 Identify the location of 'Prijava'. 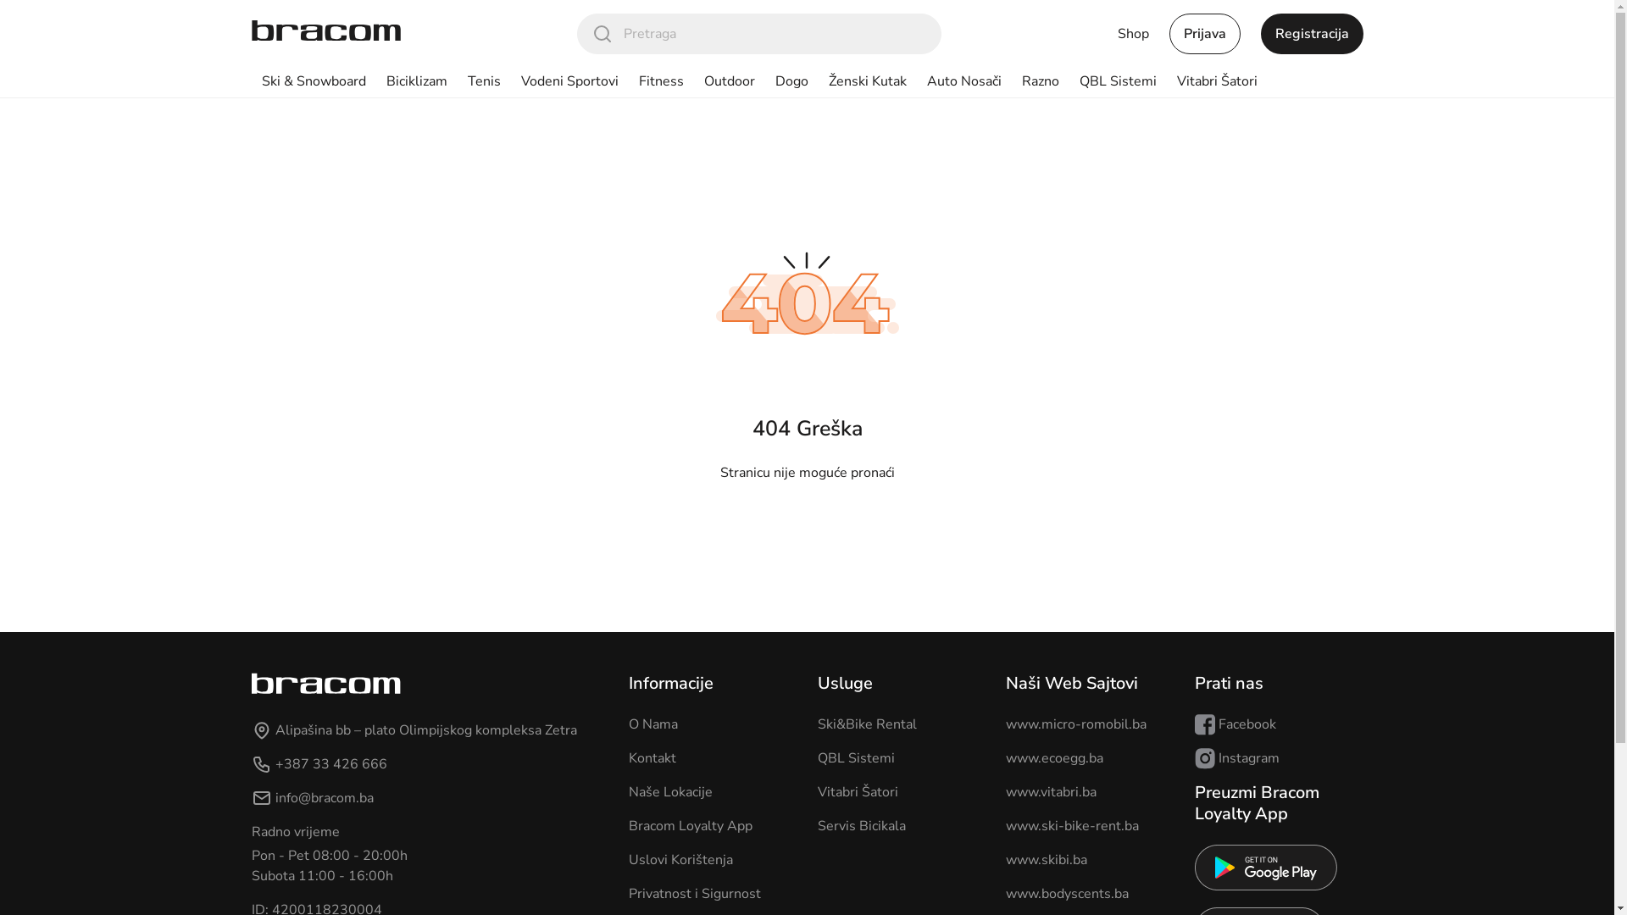
(1203, 33).